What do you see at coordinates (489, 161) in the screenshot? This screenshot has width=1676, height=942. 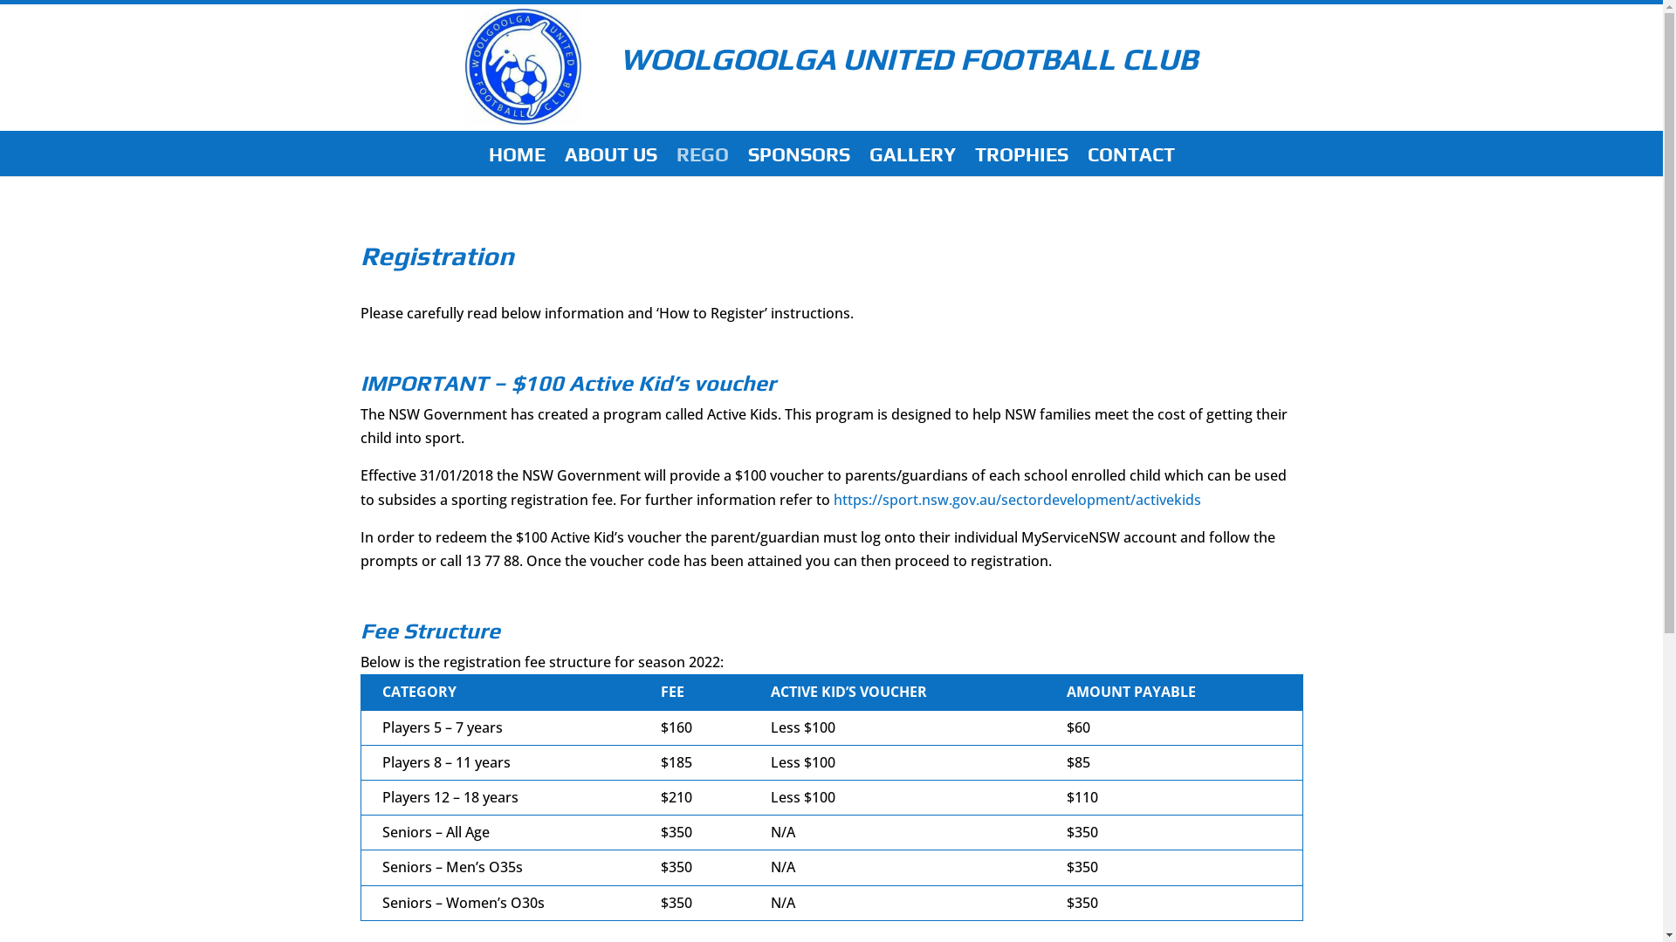 I see `'HOME'` at bounding box center [489, 161].